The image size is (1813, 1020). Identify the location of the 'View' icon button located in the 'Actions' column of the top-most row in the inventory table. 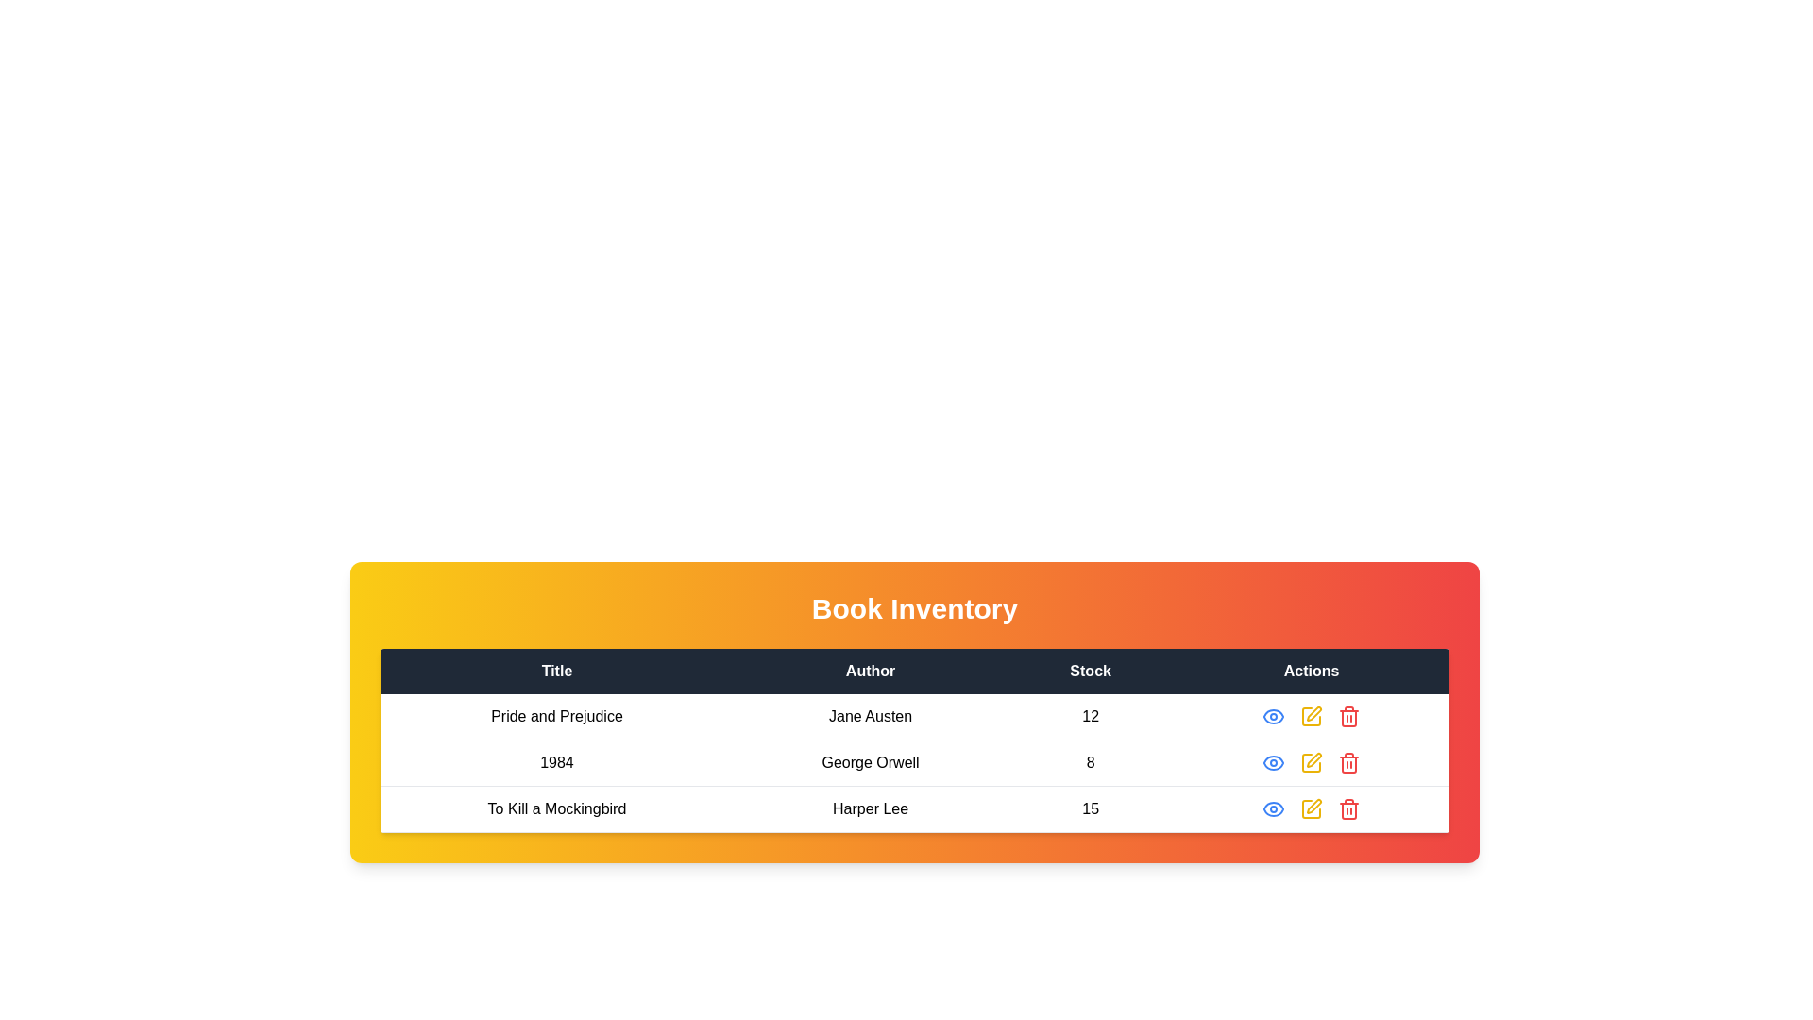
(1273, 717).